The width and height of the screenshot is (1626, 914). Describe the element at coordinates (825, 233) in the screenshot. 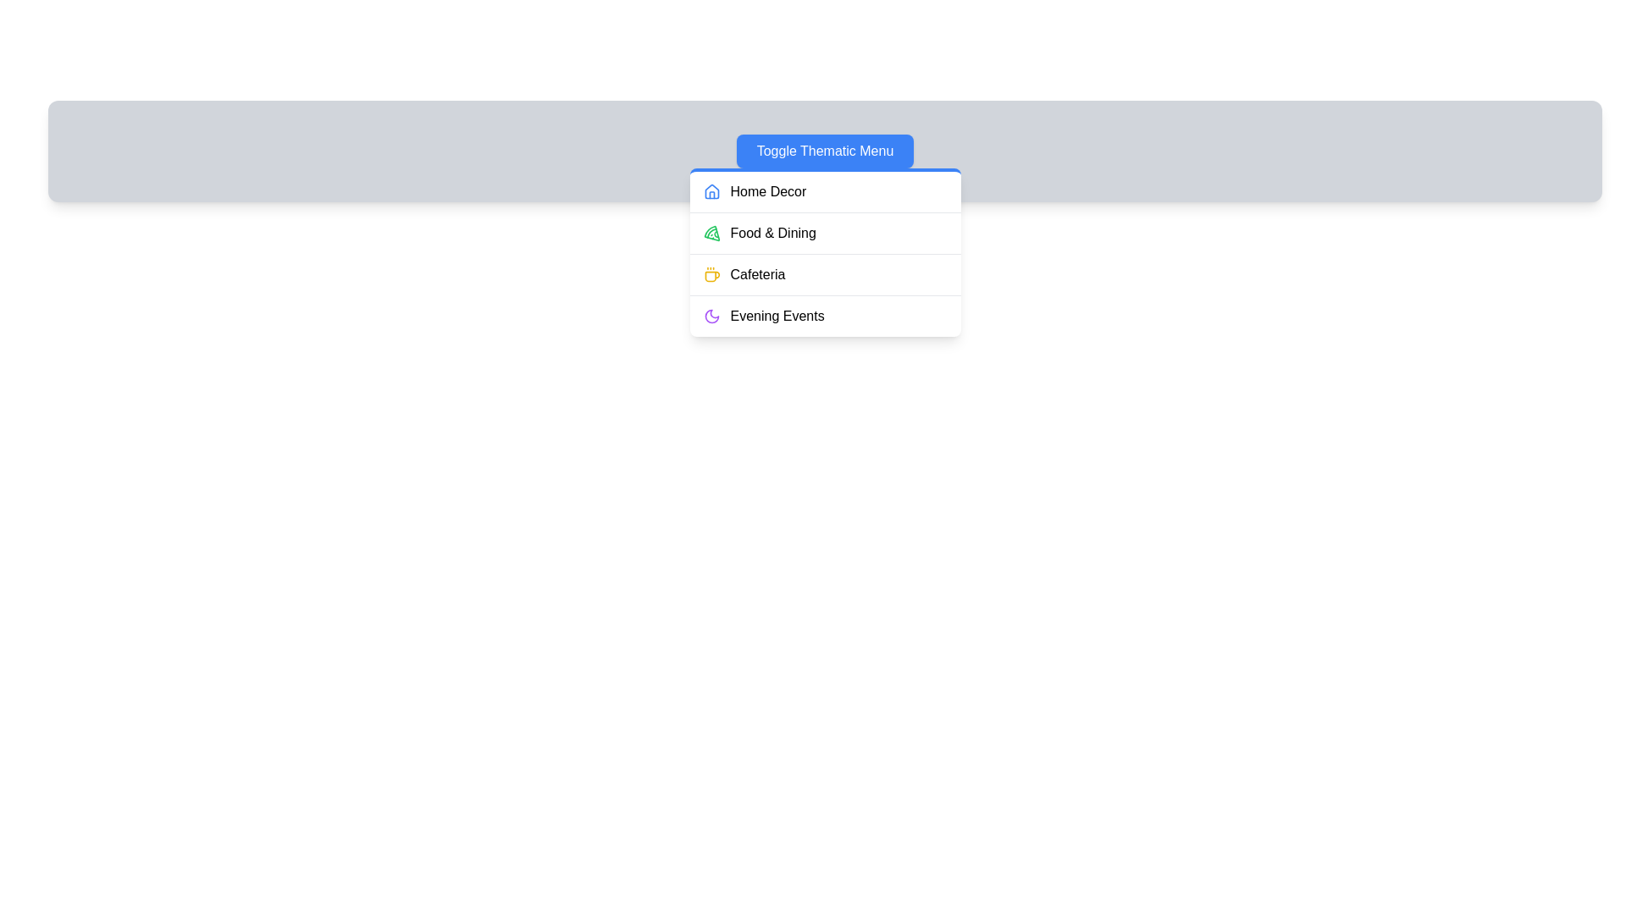

I see `the menu item Food & Dining to observe its visual feedback` at that location.